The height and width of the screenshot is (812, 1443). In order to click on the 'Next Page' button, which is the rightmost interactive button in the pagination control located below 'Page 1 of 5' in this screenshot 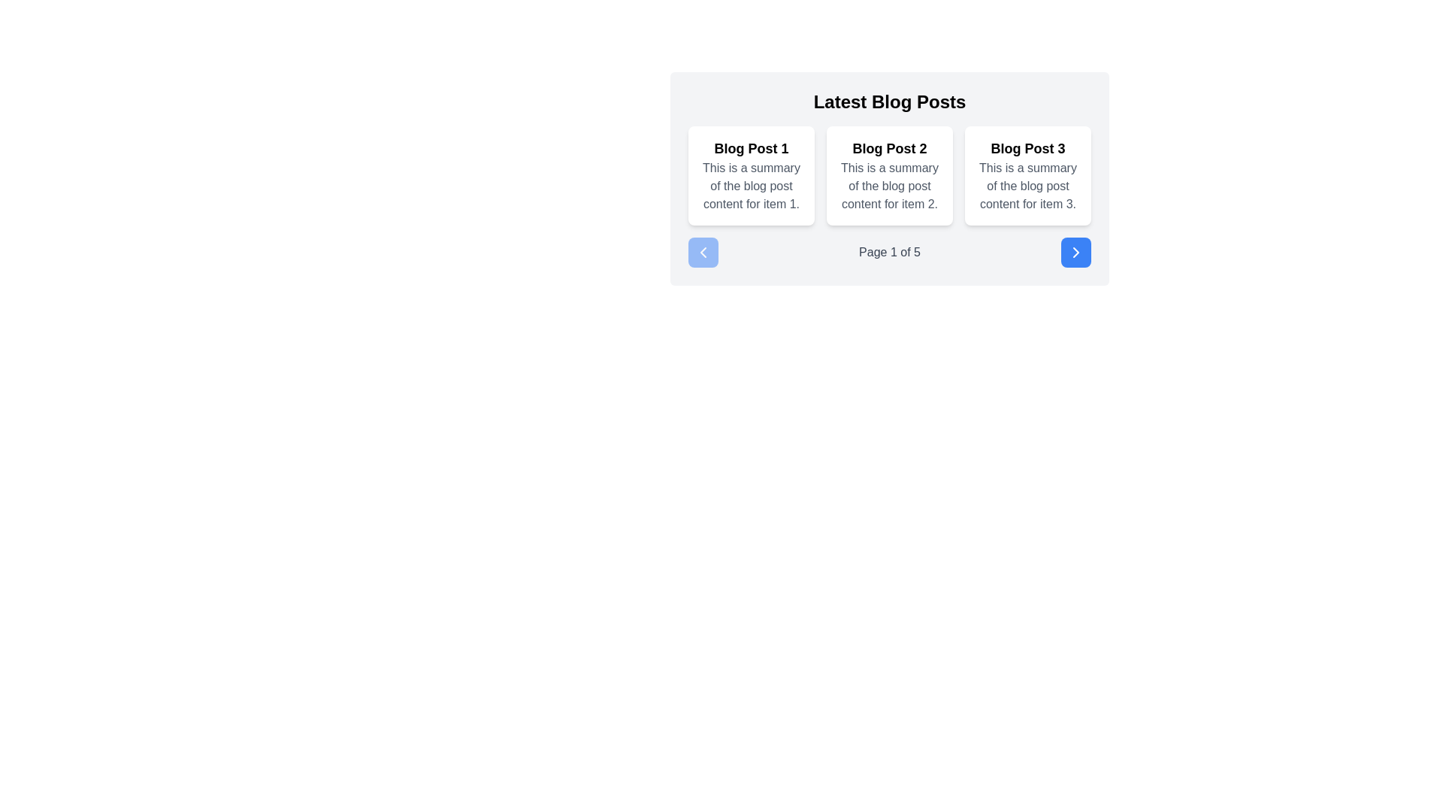, I will do `click(1075, 251)`.